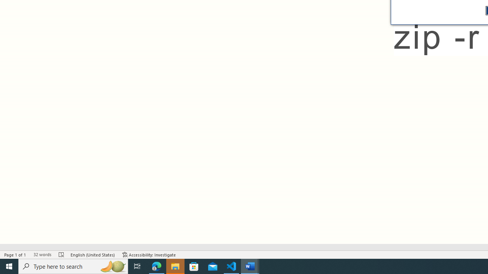 This screenshot has height=274, width=488. I want to click on 'Spelling and Grammar Check Errors', so click(61, 255).